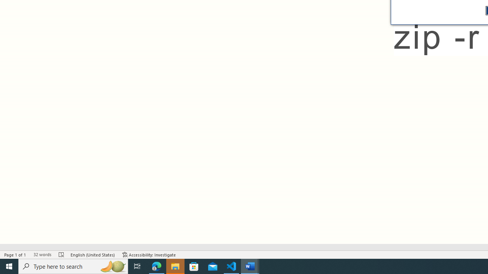 This screenshot has height=274, width=488. I want to click on 'Spelling and Grammar Check Errors', so click(61, 255).